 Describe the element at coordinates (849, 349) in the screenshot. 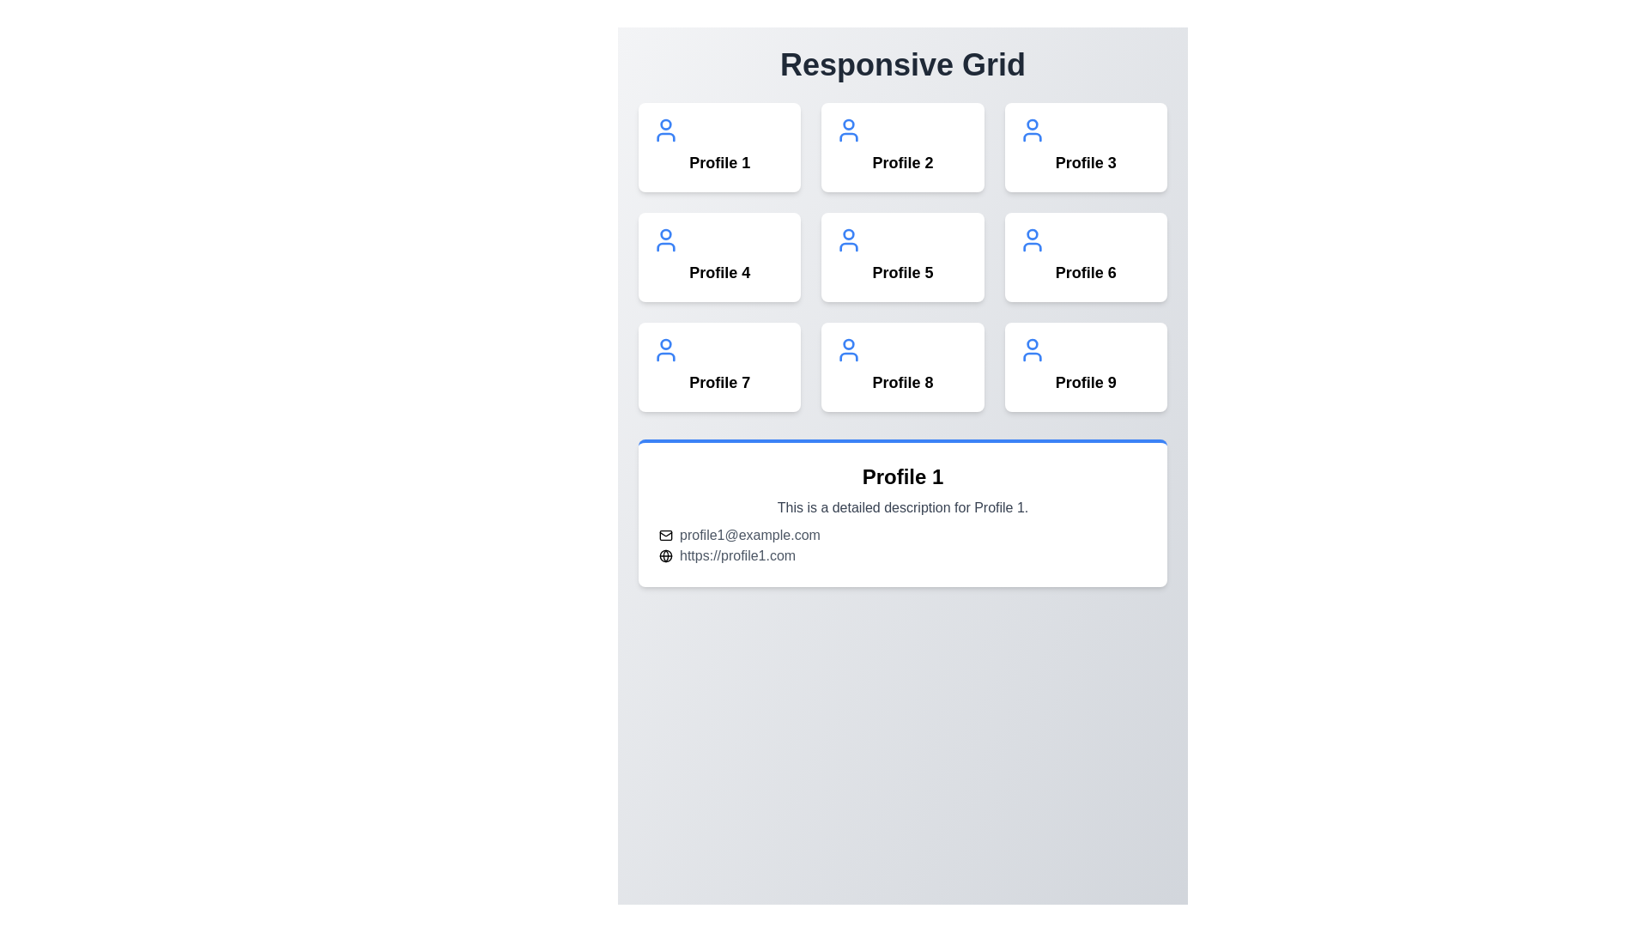

I see `the blue user profile icon, which is a circular representation located at the top center of the 'Profile 8' card, above the text 'Profile 8'` at that location.